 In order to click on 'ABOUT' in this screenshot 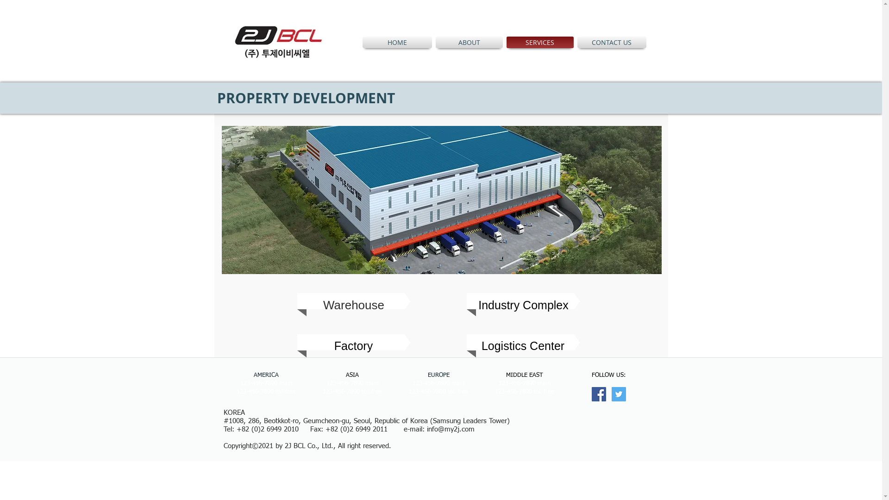, I will do `click(469, 42)`.